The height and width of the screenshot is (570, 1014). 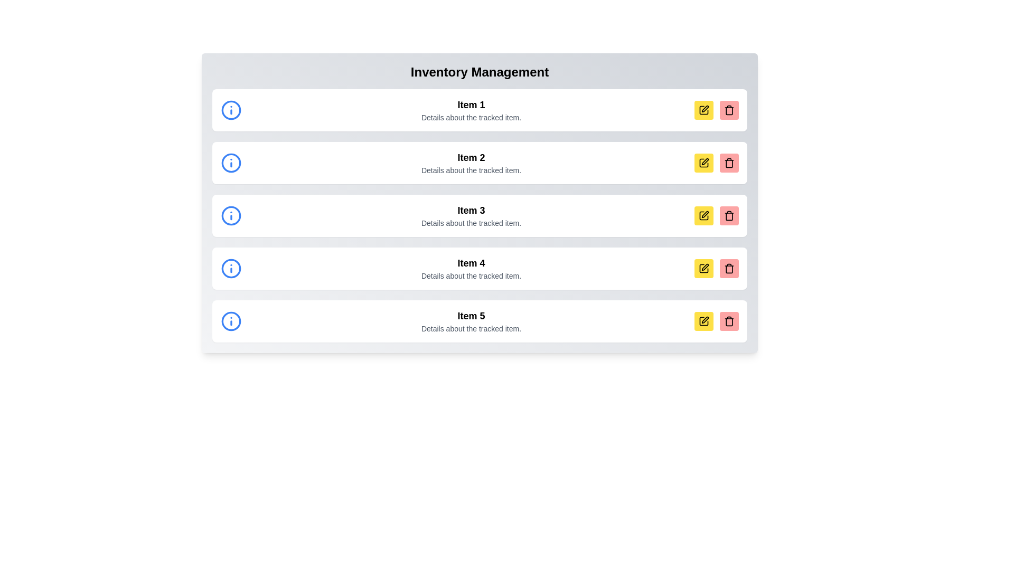 I want to click on the red button with a trash icon located at the rightmost end of the row associated with 'Item 5', so click(x=729, y=321).